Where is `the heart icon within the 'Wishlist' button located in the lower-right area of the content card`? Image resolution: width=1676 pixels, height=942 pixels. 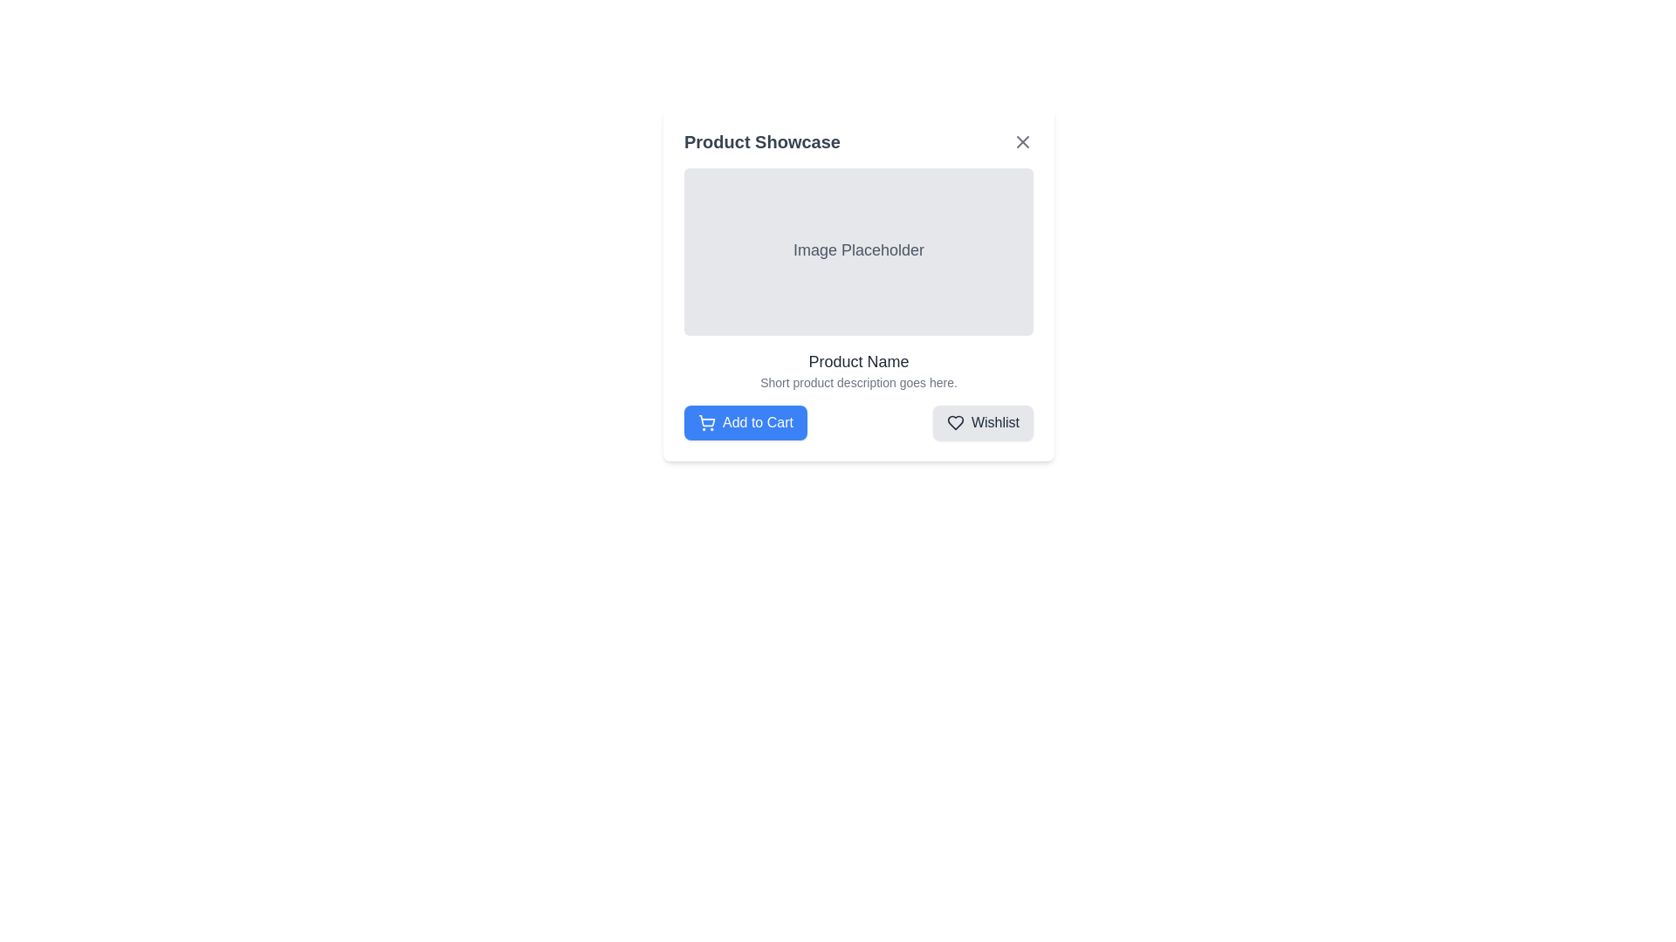
the heart icon within the 'Wishlist' button located in the lower-right area of the content card is located at coordinates (954, 423).